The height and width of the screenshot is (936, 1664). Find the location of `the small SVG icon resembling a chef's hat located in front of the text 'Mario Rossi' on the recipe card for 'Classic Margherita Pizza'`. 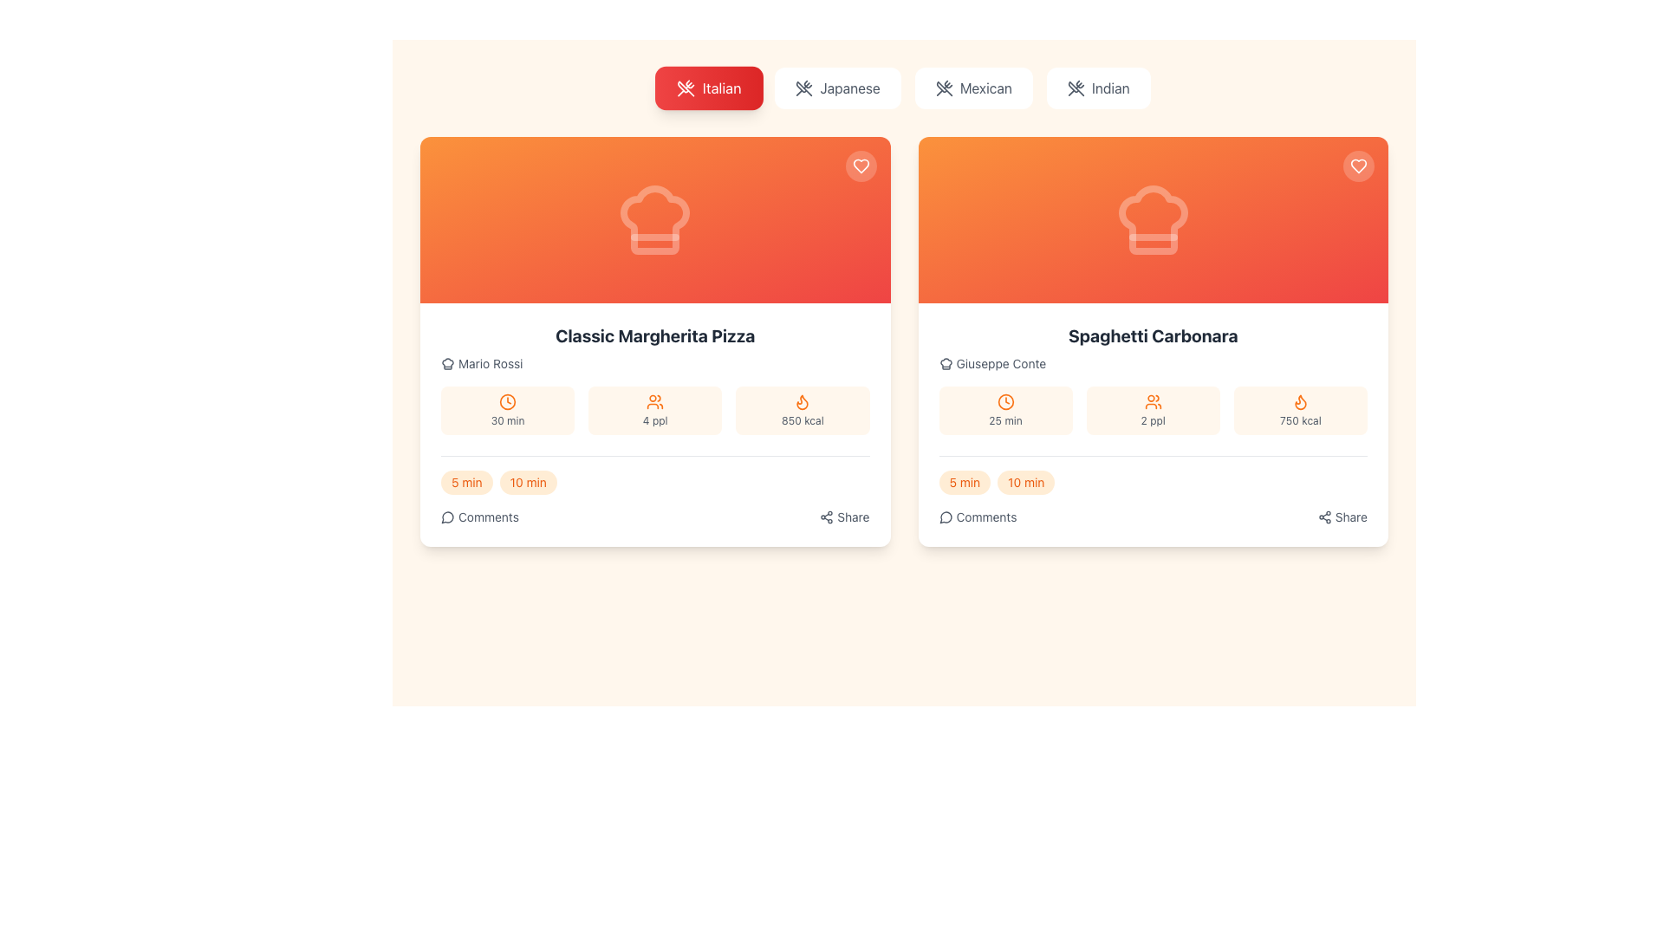

the small SVG icon resembling a chef's hat located in front of the text 'Mario Rossi' on the recipe card for 'Classic Margherita Pizza' is located at coordinates (448, 363).